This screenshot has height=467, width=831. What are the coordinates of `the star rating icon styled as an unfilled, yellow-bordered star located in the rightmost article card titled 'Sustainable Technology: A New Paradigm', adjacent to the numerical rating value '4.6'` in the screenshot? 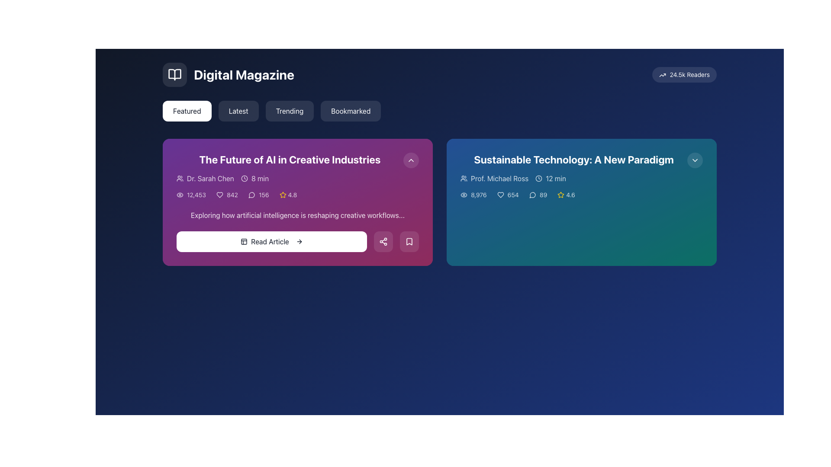 It's located at (561, 195).